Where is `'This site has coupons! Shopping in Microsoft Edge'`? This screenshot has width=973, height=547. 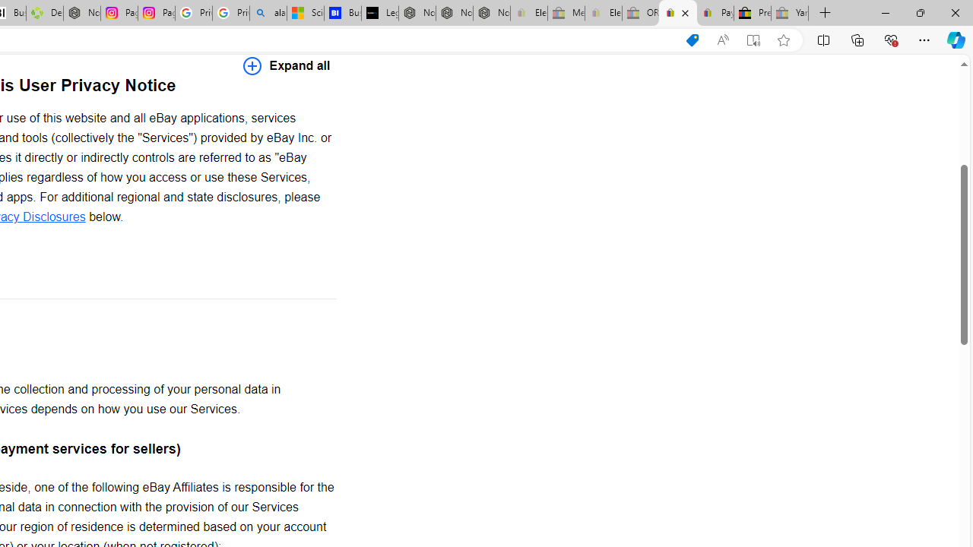
'This site has coupons! Shopping in Microsoft Edge' is located at coordinates (691, 40).